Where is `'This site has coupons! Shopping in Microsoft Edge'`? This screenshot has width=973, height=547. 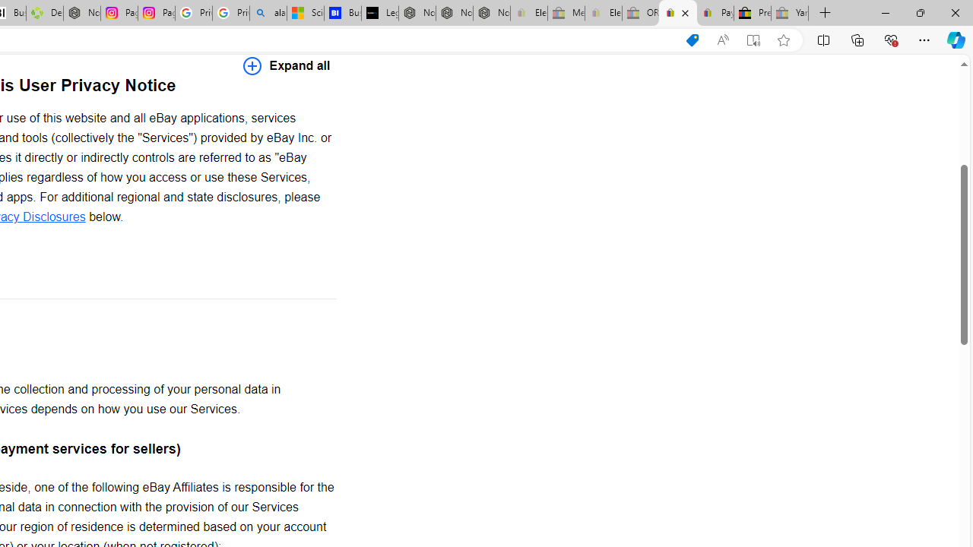
'This site has coupons! Shopping in Microsoft Edge' is located at coordinates (691, 40).